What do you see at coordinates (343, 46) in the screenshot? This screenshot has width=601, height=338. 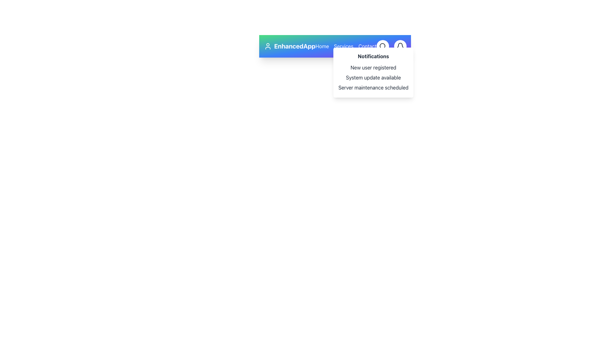 I see `the 'Services' text link in the navigation menu to trigger underline styling` at bounding box center [343, 46].